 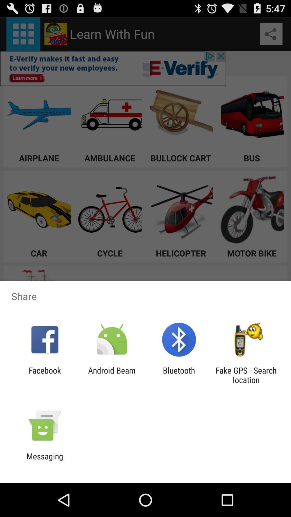 I want to click on app to the left of android beam app, so click(x=44, y=375).